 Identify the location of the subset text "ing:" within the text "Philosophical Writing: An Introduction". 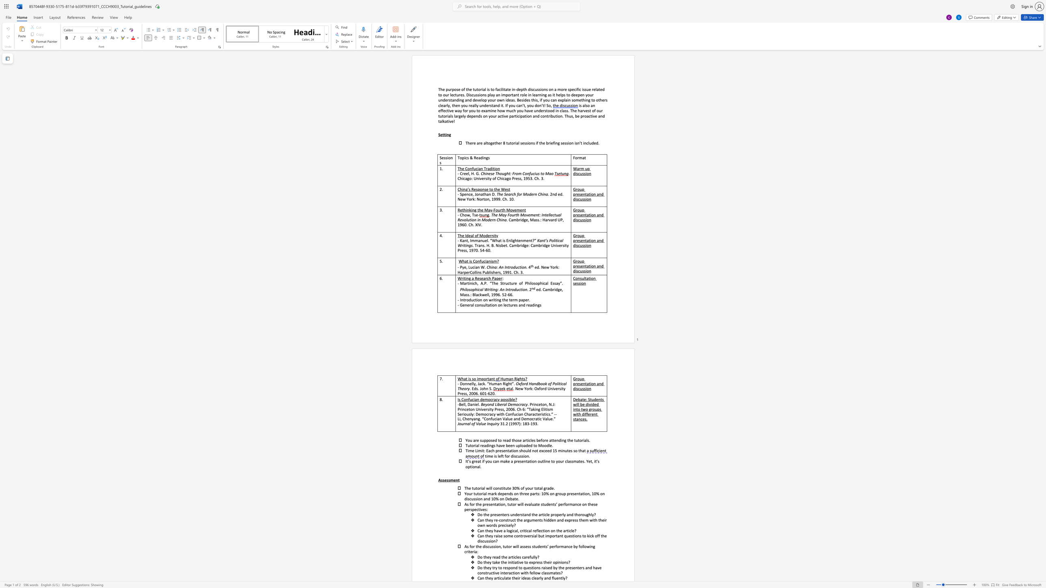
(492, 289).